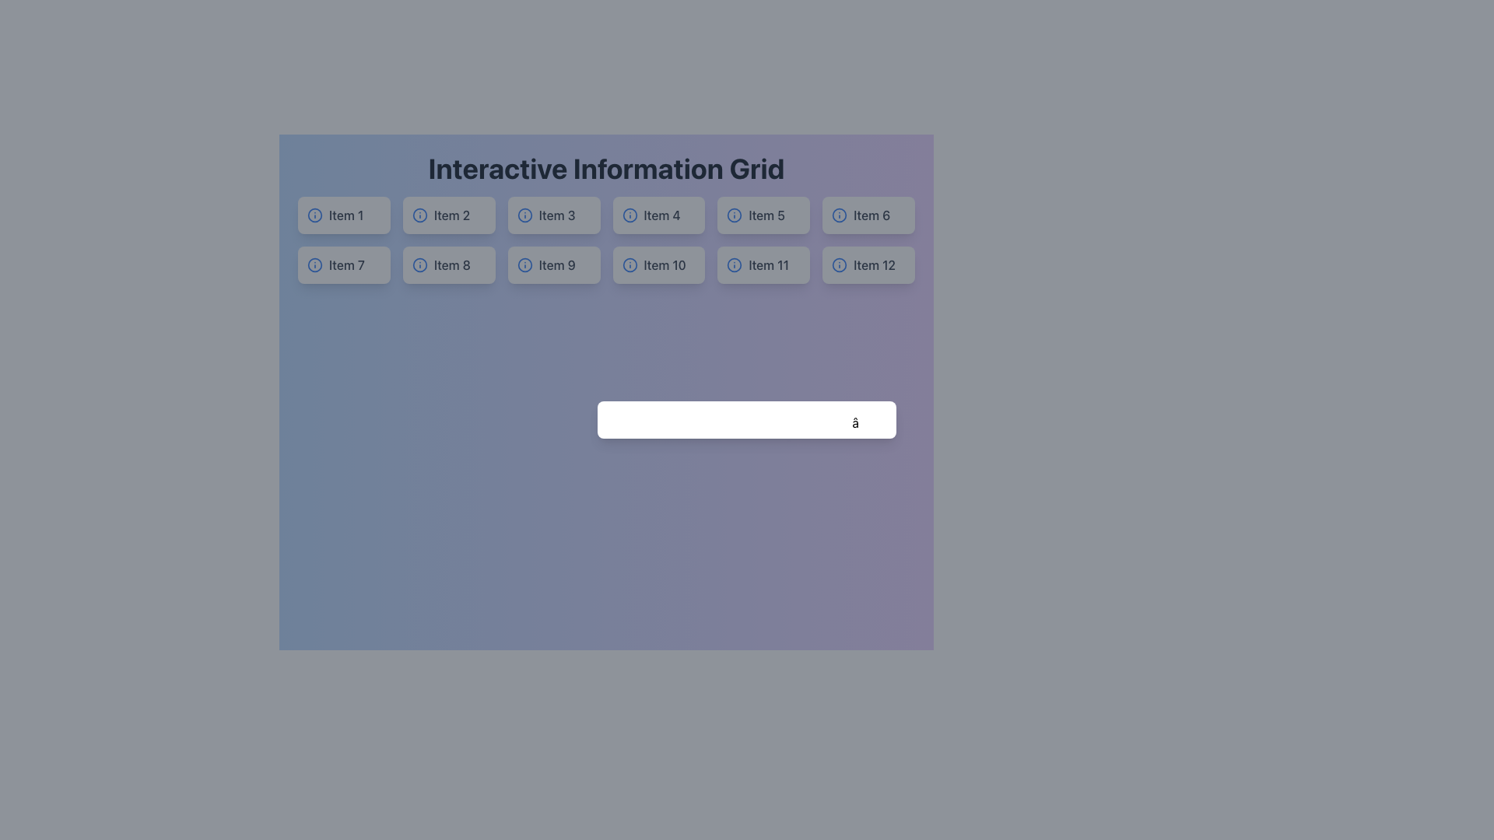 The height and width of the screenshot is (840, 1494). What do you see at coordinates (766, 215) in the screenshot?
I see `the text label or button labeled 'Item 5', which is the fifth item in a horizontally aligned grid located in the upper-right sector of the application` at bounding box center [766, 215].